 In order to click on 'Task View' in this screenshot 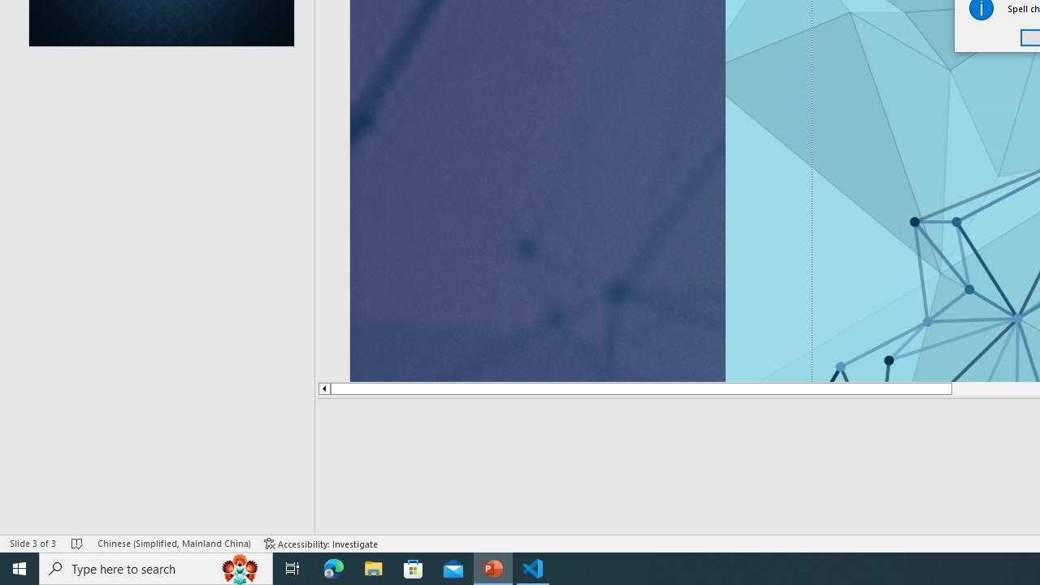, I will do `click(292, 567)`.